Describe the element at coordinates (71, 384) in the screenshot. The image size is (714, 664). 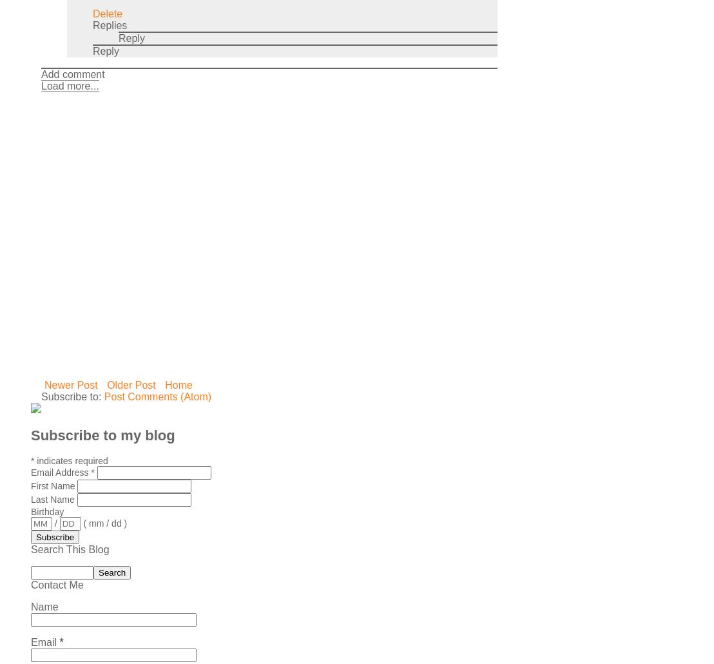
I see `'Newer Post'` at that location.